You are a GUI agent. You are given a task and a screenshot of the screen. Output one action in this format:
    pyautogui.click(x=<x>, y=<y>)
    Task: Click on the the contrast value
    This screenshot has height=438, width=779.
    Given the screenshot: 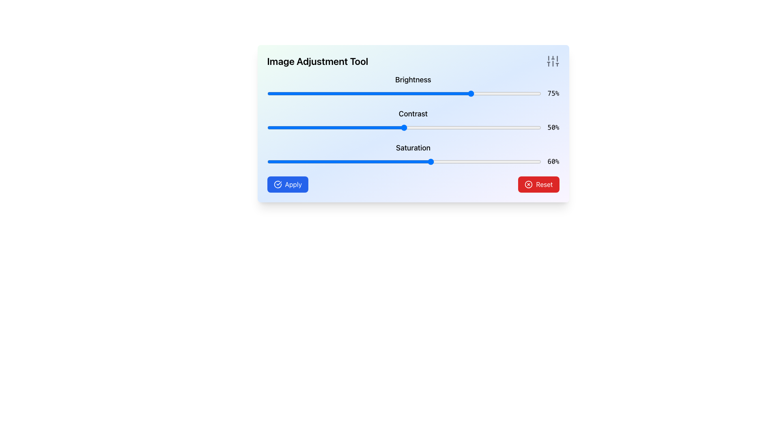 What is the action you would take?
    pyautogui.click(x=297, y=128)
    